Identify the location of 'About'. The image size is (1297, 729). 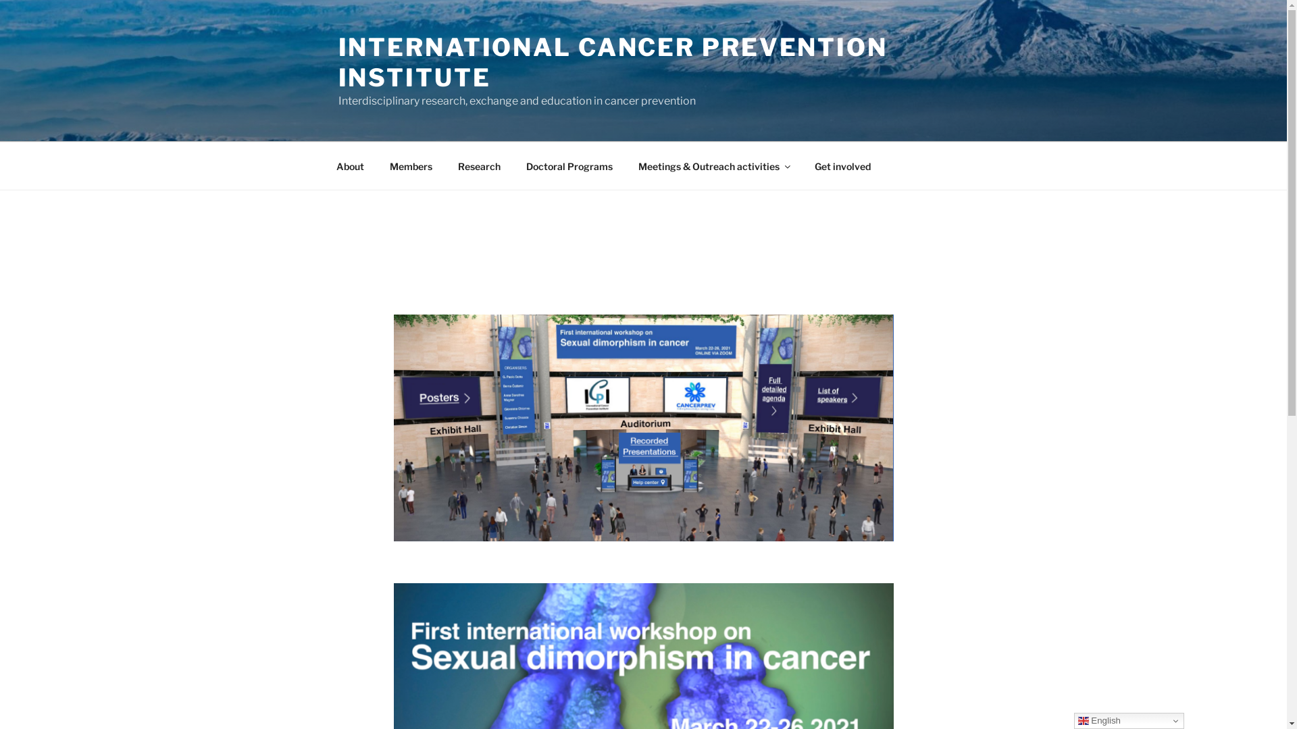
(350, 165).